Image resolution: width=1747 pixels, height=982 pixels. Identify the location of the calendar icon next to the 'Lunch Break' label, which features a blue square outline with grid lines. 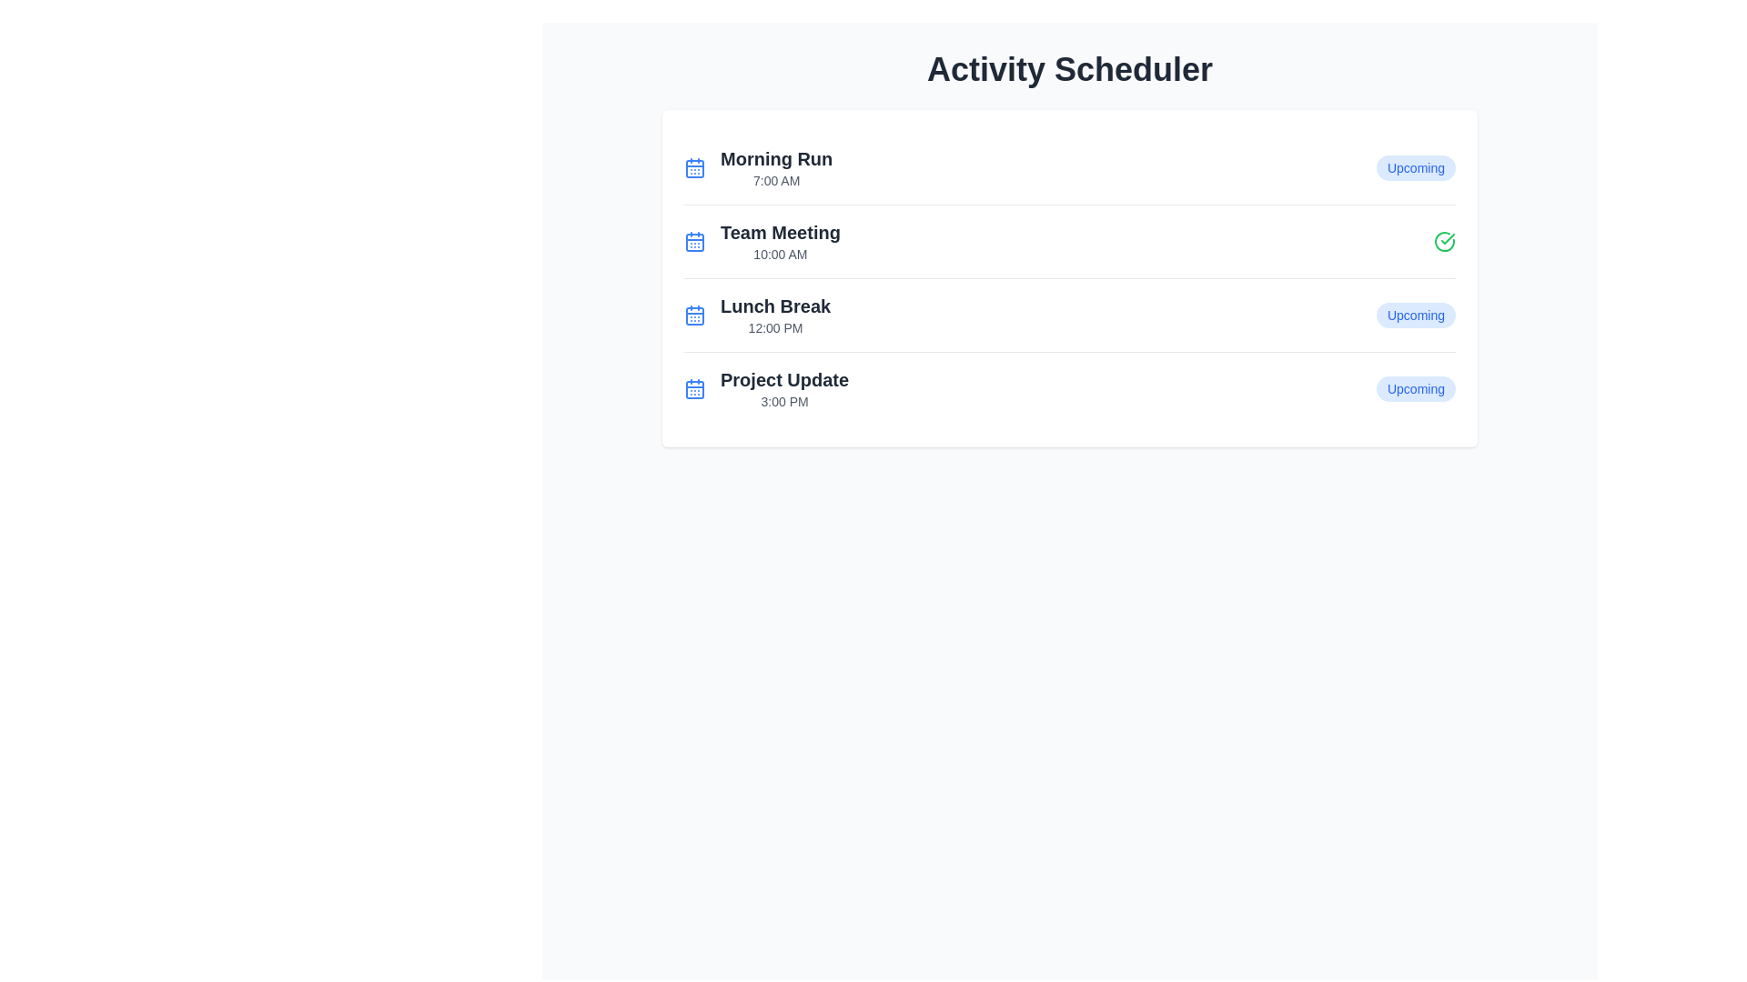
(693, 315).